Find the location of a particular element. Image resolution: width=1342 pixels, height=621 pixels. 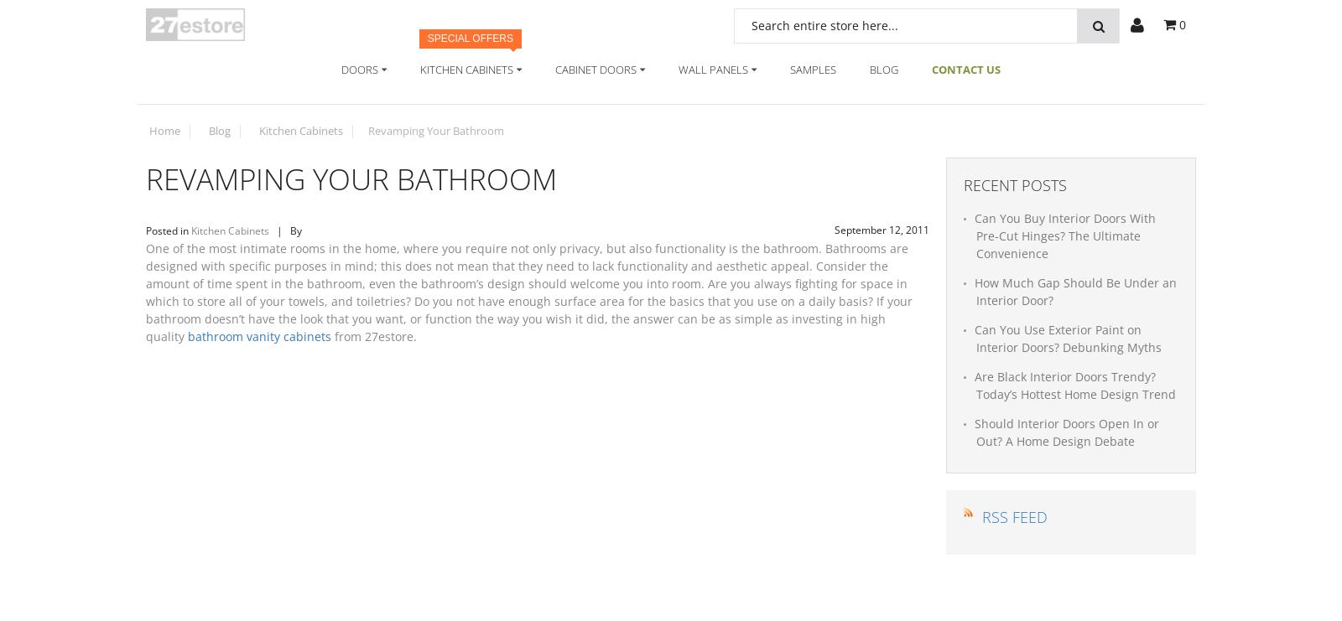

'Can You Use Exterior Paint on Interior Doors? Debunking Myths' is located at coordinates (1067, 337).